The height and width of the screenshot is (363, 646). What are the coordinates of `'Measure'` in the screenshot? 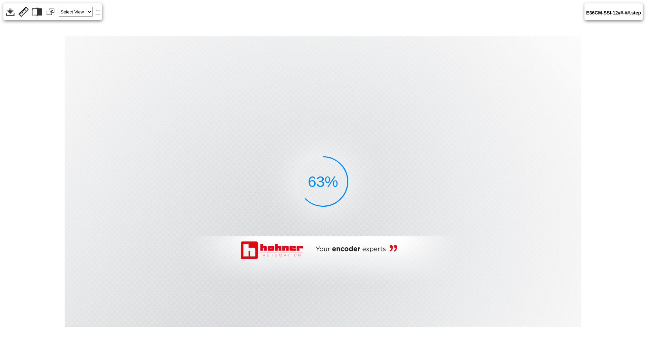 It's located at (24, 11).